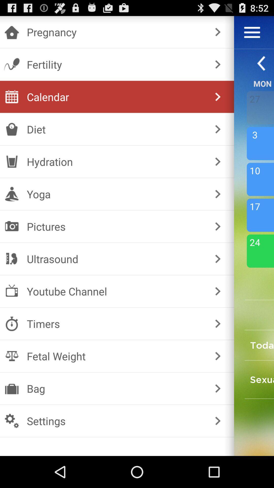 This screenshot has width=274, height=488. I want to click on the menu icon, so click(252, 34).